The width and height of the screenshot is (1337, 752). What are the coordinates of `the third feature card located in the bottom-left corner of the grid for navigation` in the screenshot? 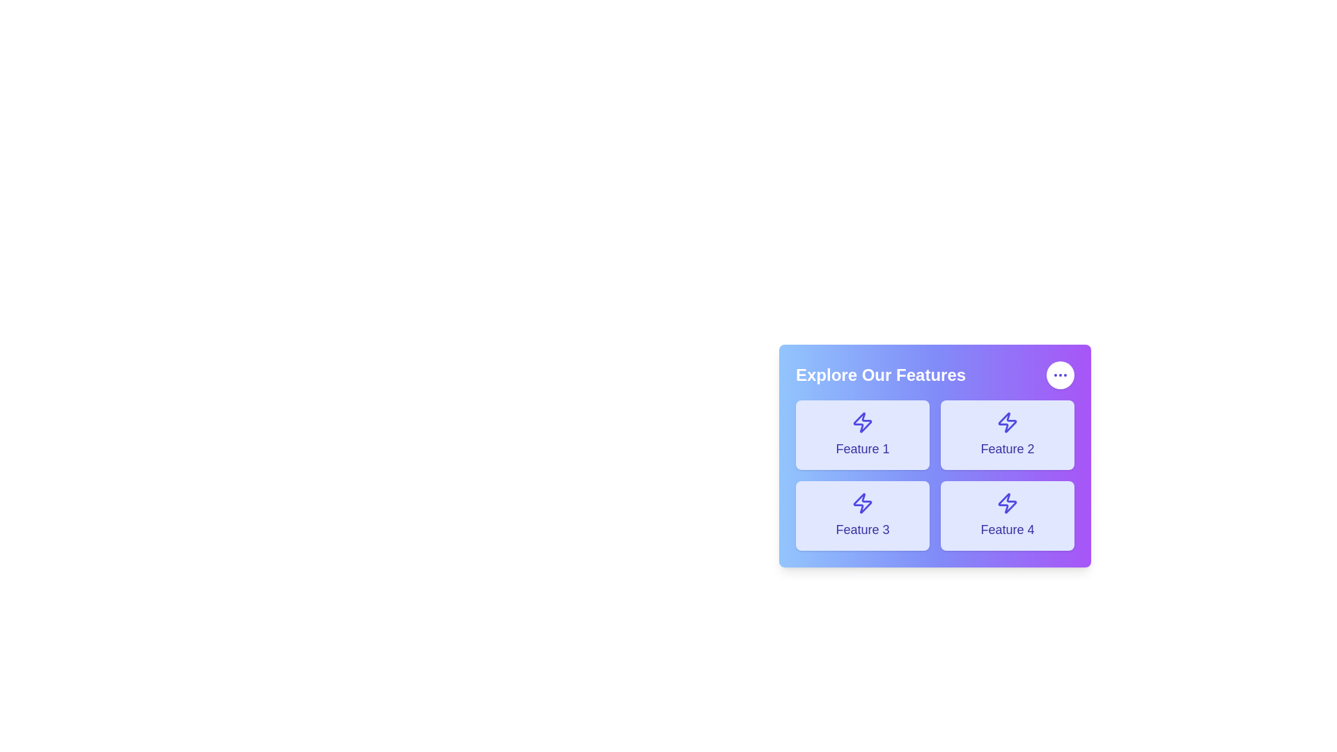 It's located at (861, 515).